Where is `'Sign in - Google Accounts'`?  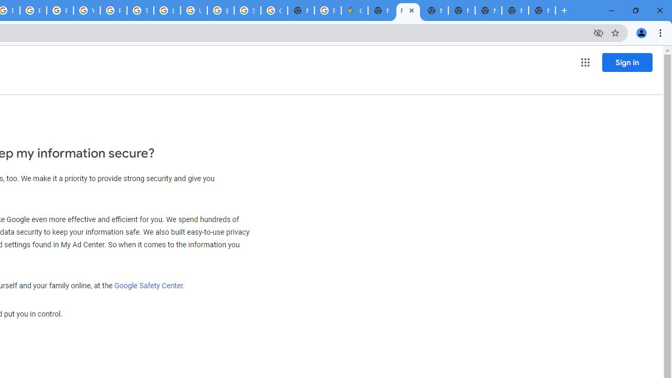
'Sign in - Google Accounts' is located at coordinates (247, 10).